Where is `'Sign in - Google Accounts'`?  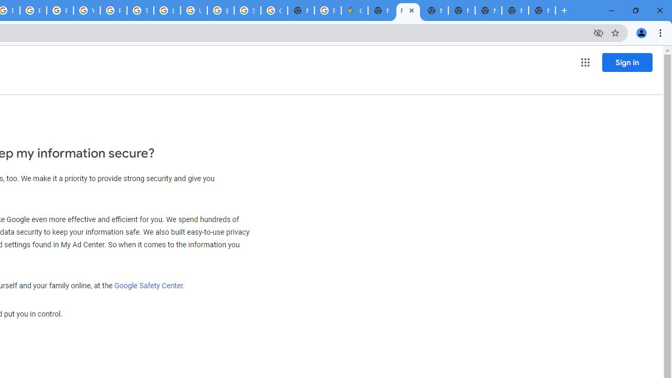
'Sign in - Google Accounts' is located at coordinates (247, 10).